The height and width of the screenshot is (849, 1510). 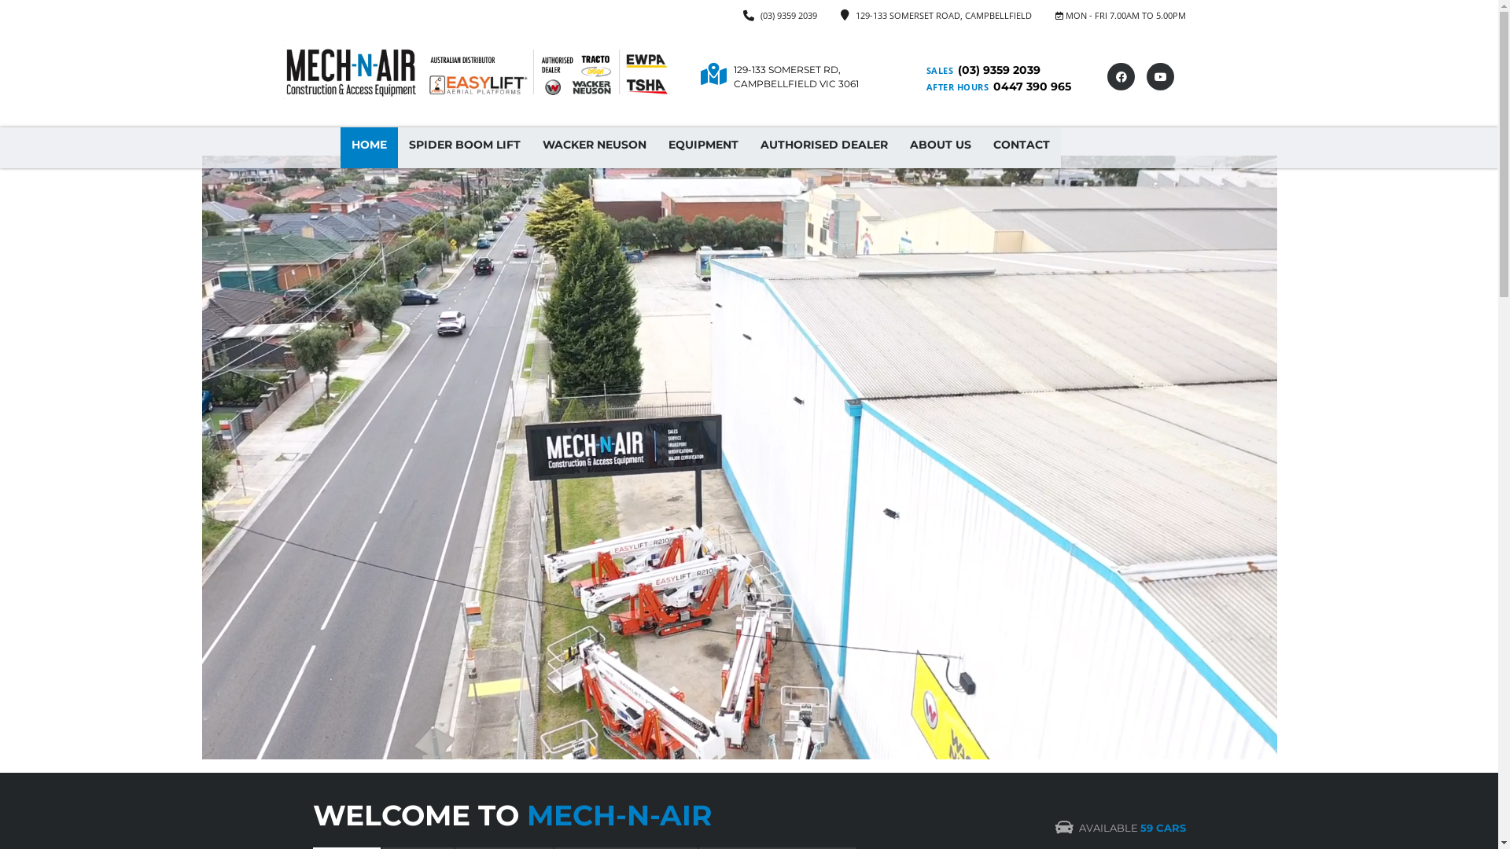 What do you see at coordinates (1031, 86) in the screenshot?
I see `'0447 390 965'` at bounding box center [1031, 86].